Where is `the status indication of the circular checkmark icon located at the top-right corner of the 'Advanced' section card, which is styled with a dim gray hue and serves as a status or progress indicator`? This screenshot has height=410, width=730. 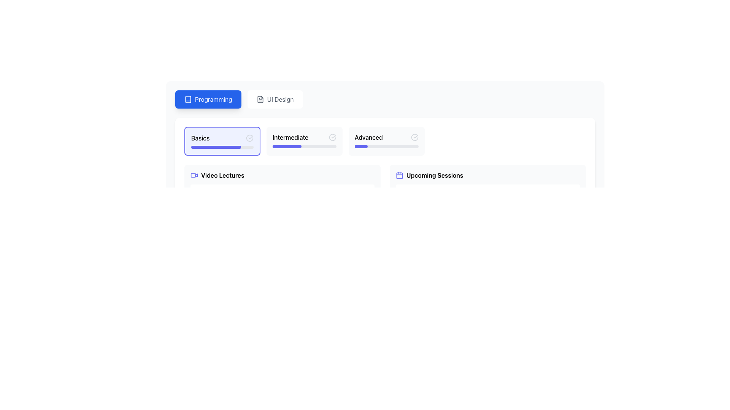
the status indication of the circular checkmark icon located at the top-right corner of the 'Advanced' section card, which is styled with a dim gray hue and serves as a status or progress indicator is located at coordinates (414, 137).